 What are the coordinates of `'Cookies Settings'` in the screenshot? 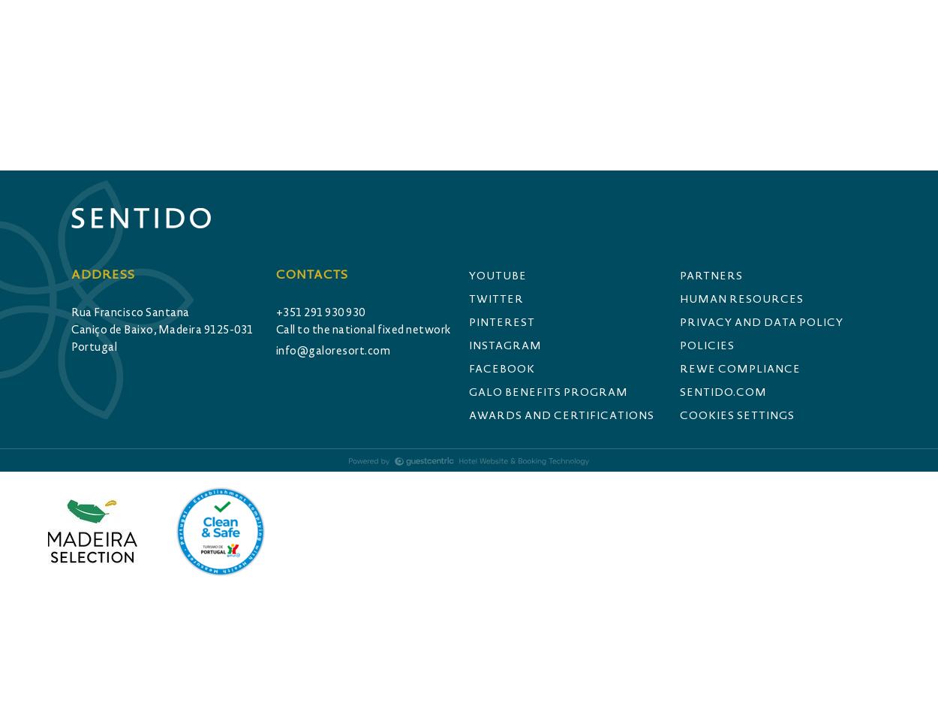 It's located at (735, 415).